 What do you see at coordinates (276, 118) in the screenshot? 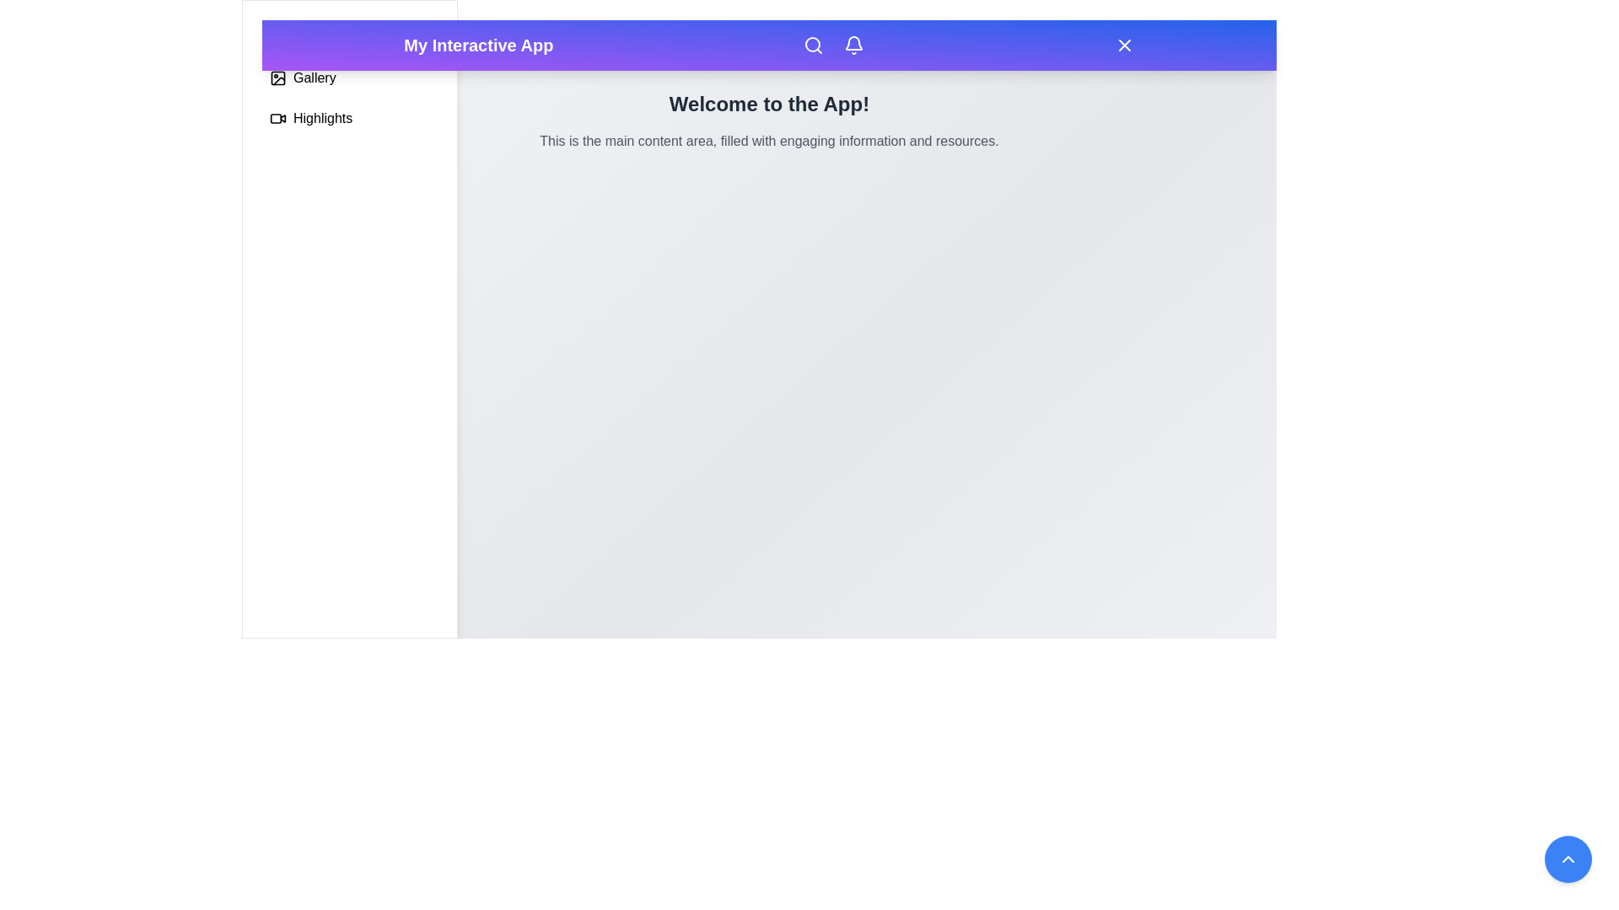
I see `the 'Highlights' menu item icon in the sidebar, which is located to the left of the text 'Highlights'` at bounding box center [276, 118].